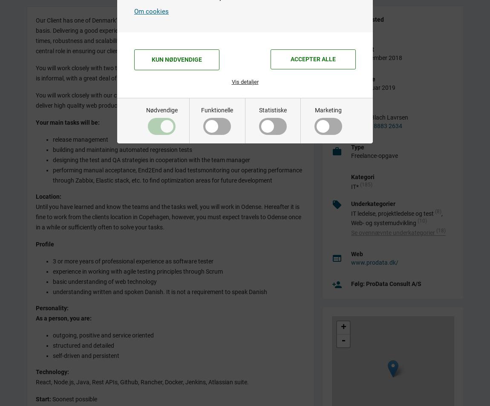 This screenshot has width=490, height=406. Describe the element at coordinates (49, 196) in the screenshot. I see `'Location:'` at that location.